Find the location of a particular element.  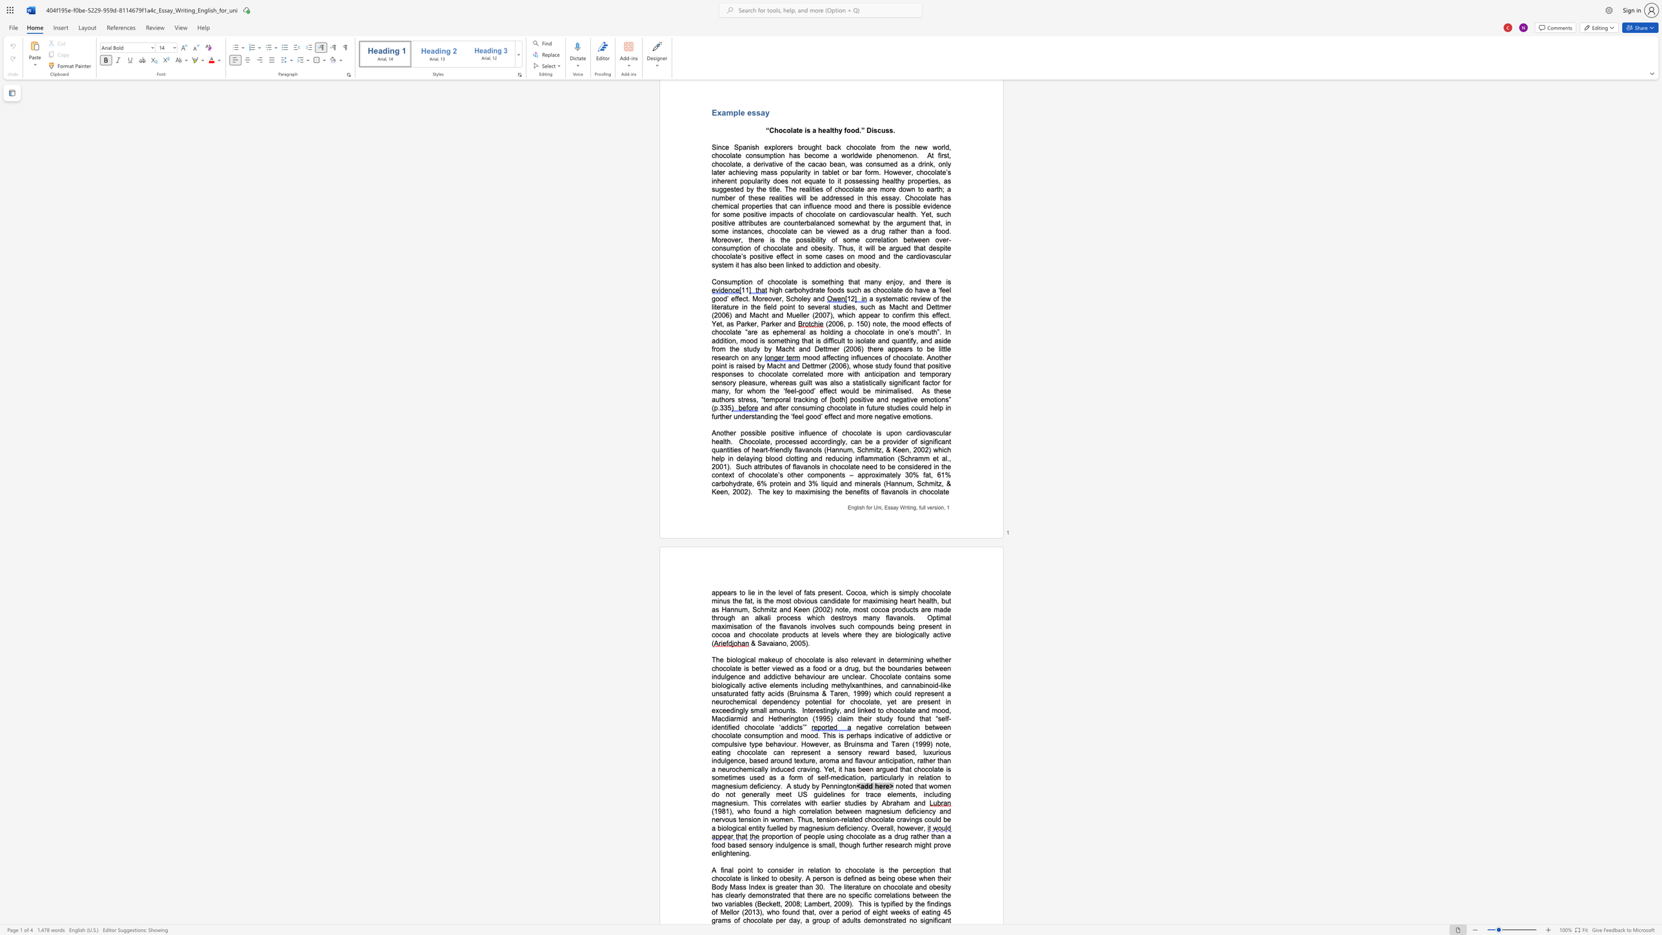

the subset text "13), who found that, over a period of eight weeks of eating 45 grams of chocolate per day, a group of" within the text "This is typified by the findings of Mellor (2013), who found that, over a period of eight weeks of eating 45 grams of chocolate per day, a group of adults" is located at coordinates (751, 911).